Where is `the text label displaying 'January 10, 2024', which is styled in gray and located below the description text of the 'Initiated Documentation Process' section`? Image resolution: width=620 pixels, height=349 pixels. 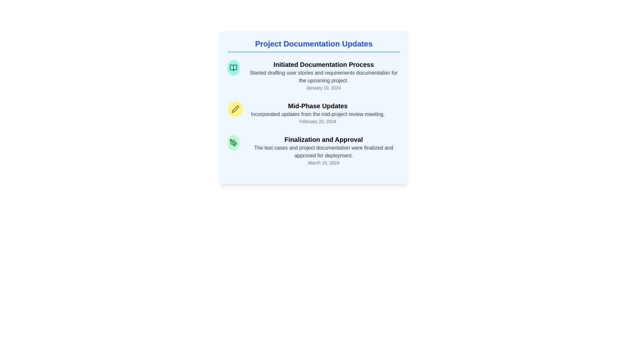
the text label displaying 'January 10, 2024', which is styled in gray and located below the description text of the 'Initiated Documentation Process' section is located at coordinates (324, 88).